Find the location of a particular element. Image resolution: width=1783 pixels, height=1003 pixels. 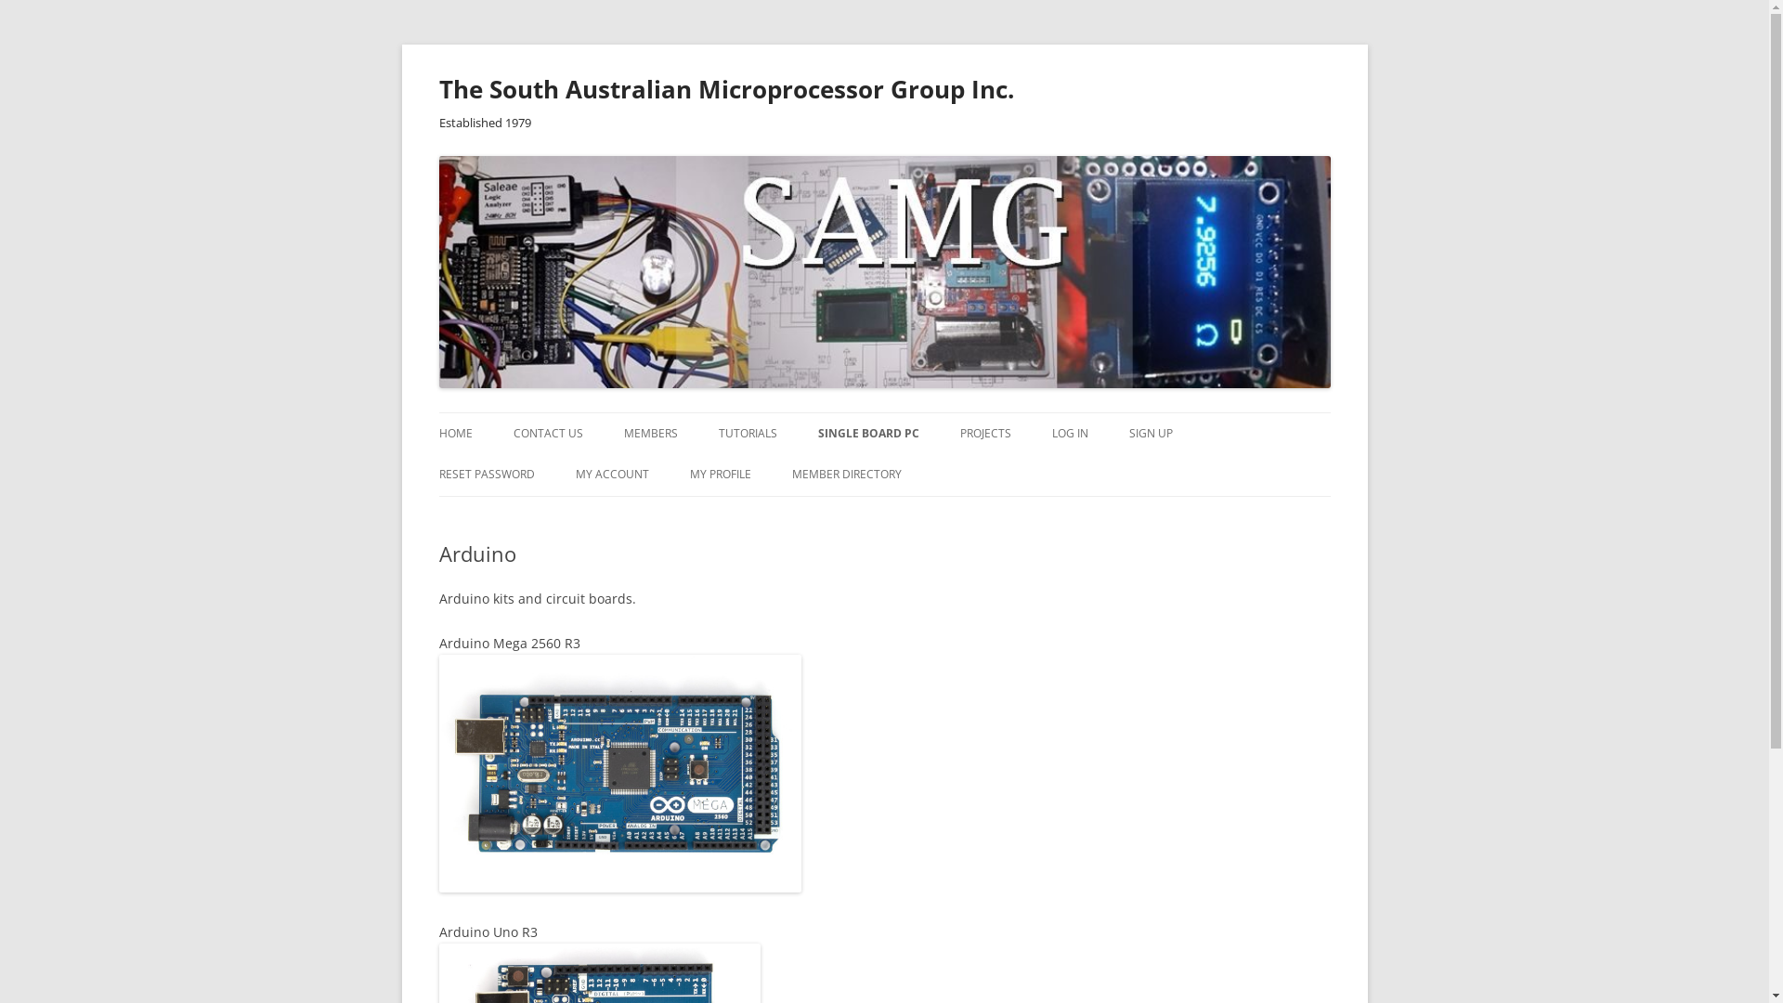

'HOME' is located at coordinates (454, 433).